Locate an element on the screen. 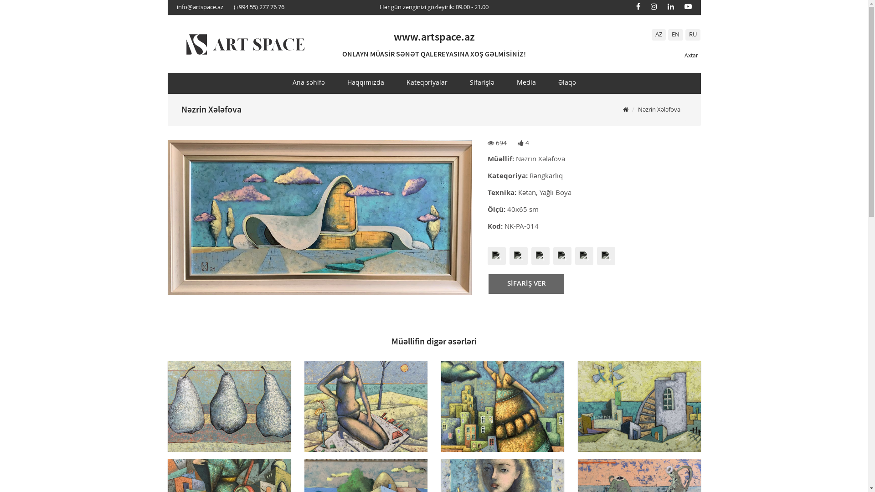 Image resolution: width=875 pixels, height=492 pixels. 'Media' is located at coordinates (526, 82).